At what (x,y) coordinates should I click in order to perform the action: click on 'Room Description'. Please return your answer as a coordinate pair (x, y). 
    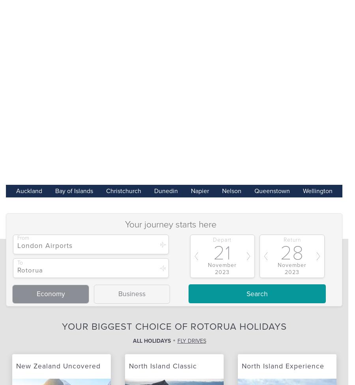
    Looking at the image, I should click on (75, 219).